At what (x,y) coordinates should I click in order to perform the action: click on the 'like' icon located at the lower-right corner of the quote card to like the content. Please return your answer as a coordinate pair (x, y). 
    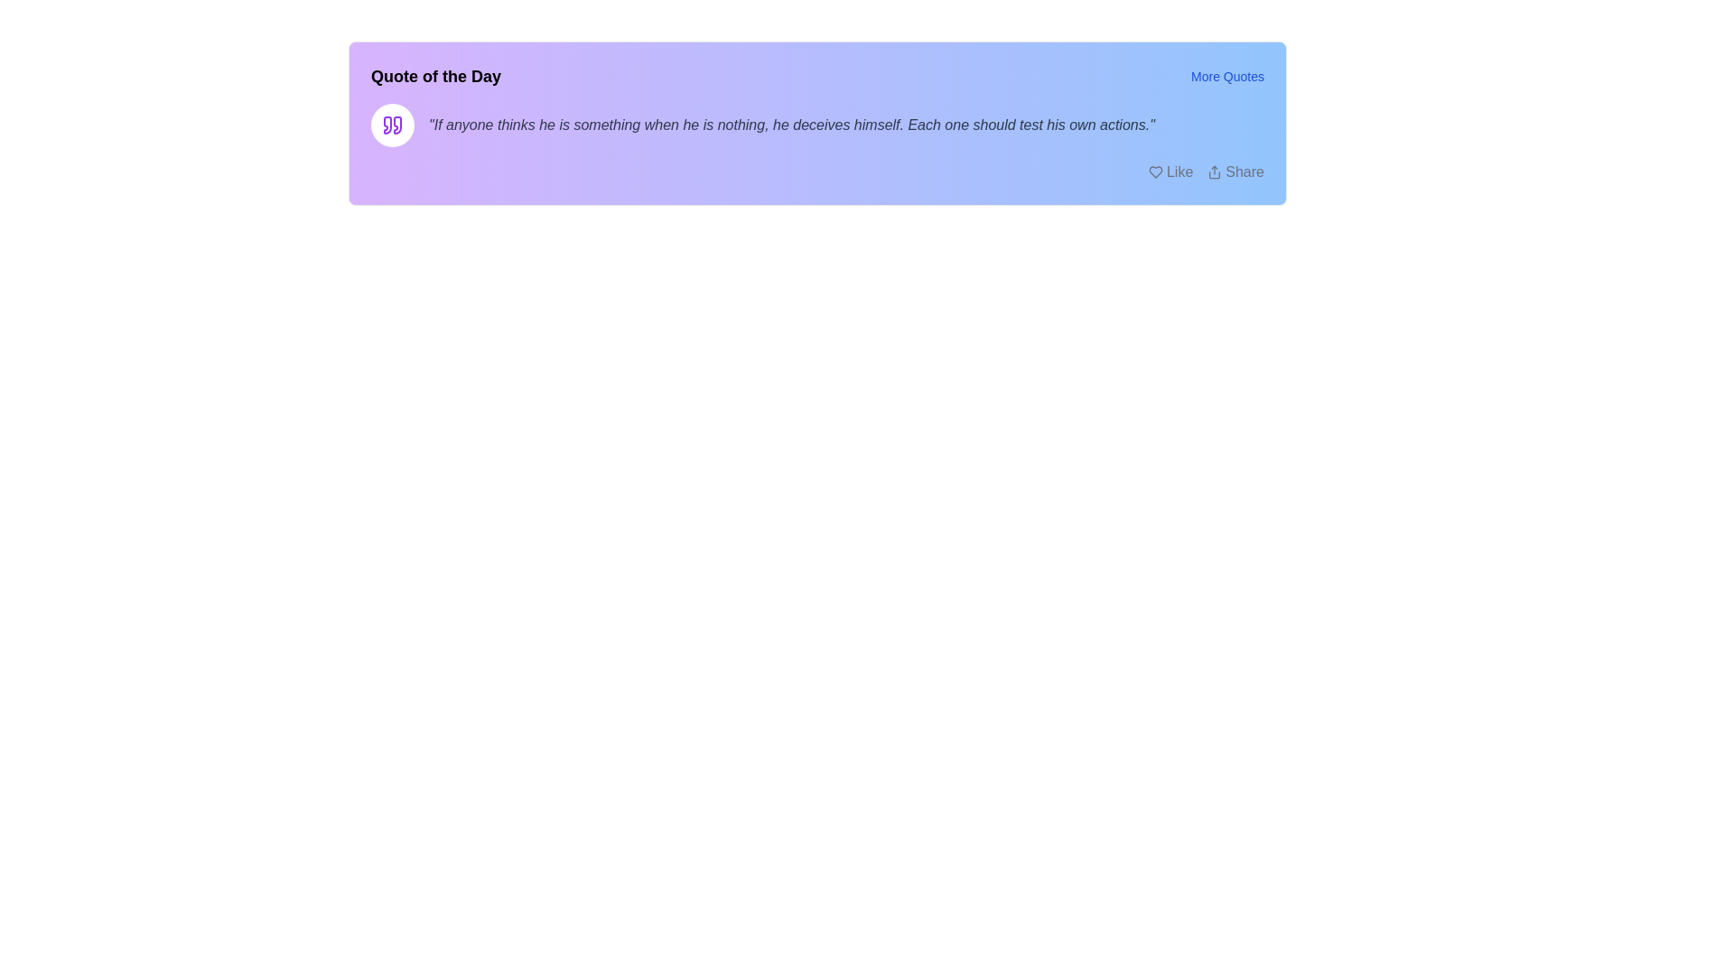
    Looking at the image, I should click on (1154, 172).